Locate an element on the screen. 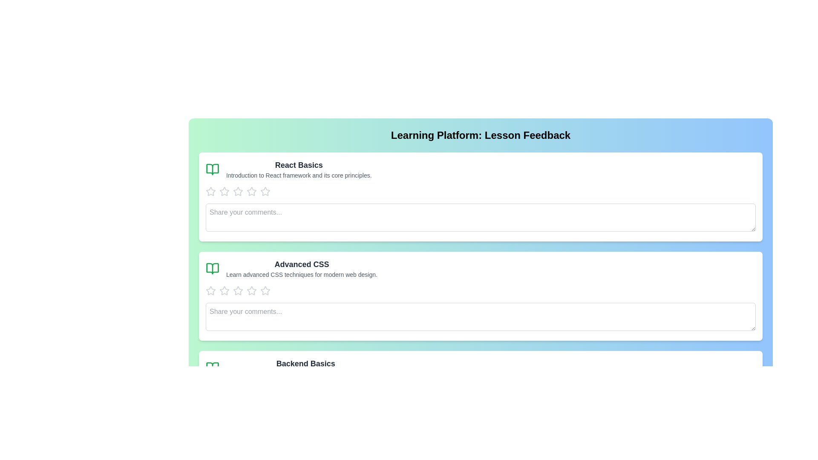 This screenshot has width=818, height=460. the second star icon in the rating system below the 'Advanced CSS' lesson to assign a rating is located at coordinates (238, 290).